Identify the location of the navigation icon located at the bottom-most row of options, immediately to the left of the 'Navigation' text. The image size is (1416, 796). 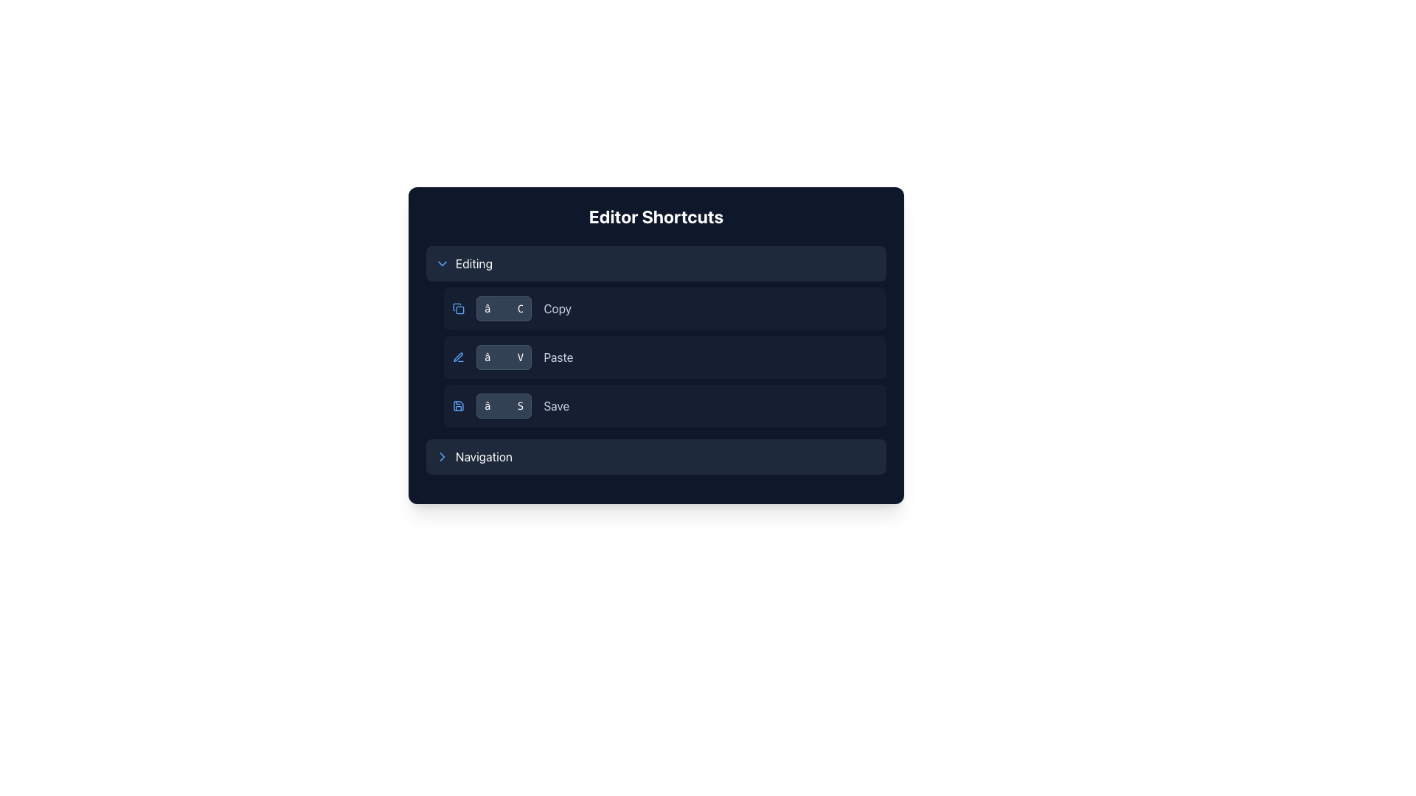
(442, 456).